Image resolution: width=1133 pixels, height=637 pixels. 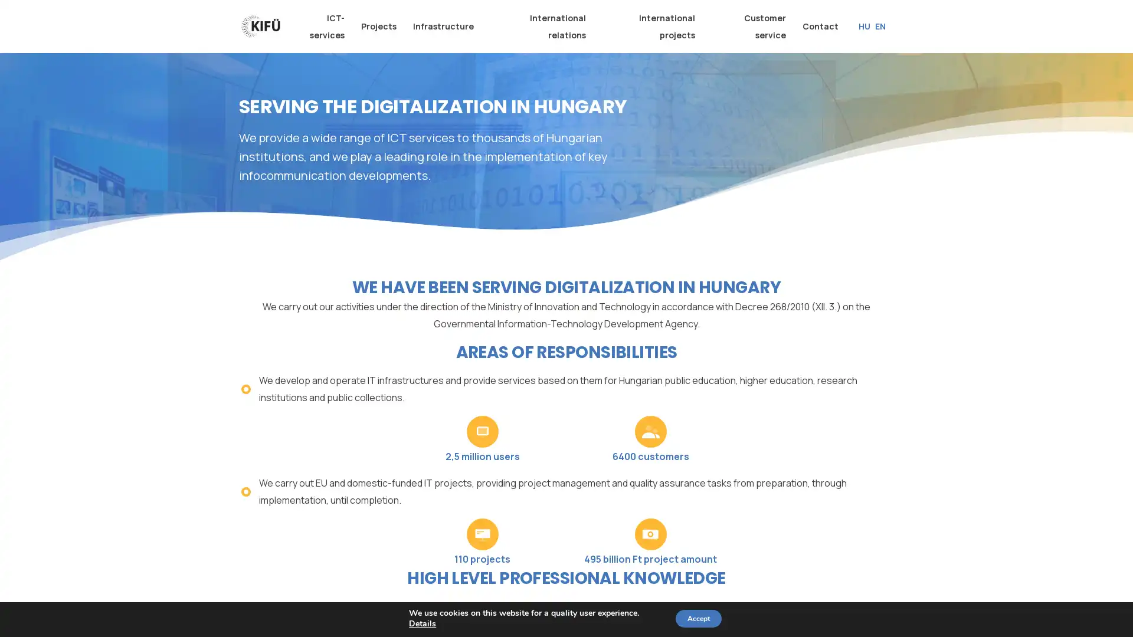 What do you see at coordinates (698, 618) in the screenshot?
I see `Accept` at bounding box center [698, 618].